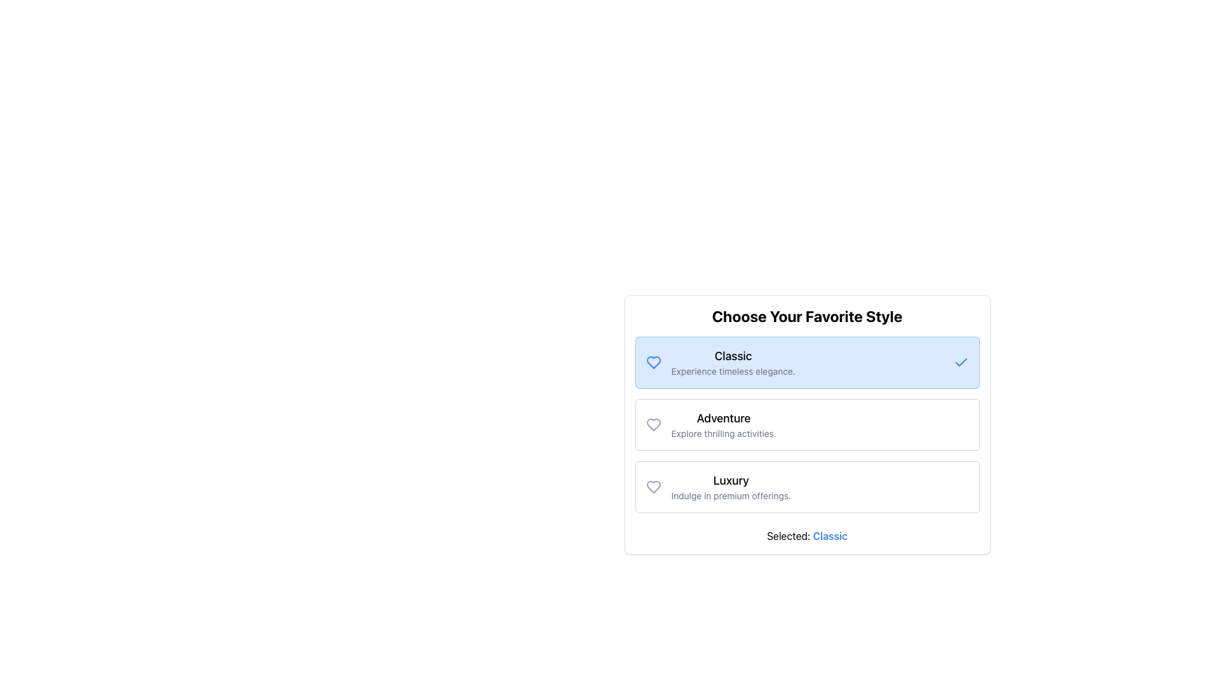 The height and width of the screenshot is (686, 1220). I want to click on the 'Classic' text option, which is the first item in a vertically stacked list, featuring bold text on a light blue background, so click(733, 362).